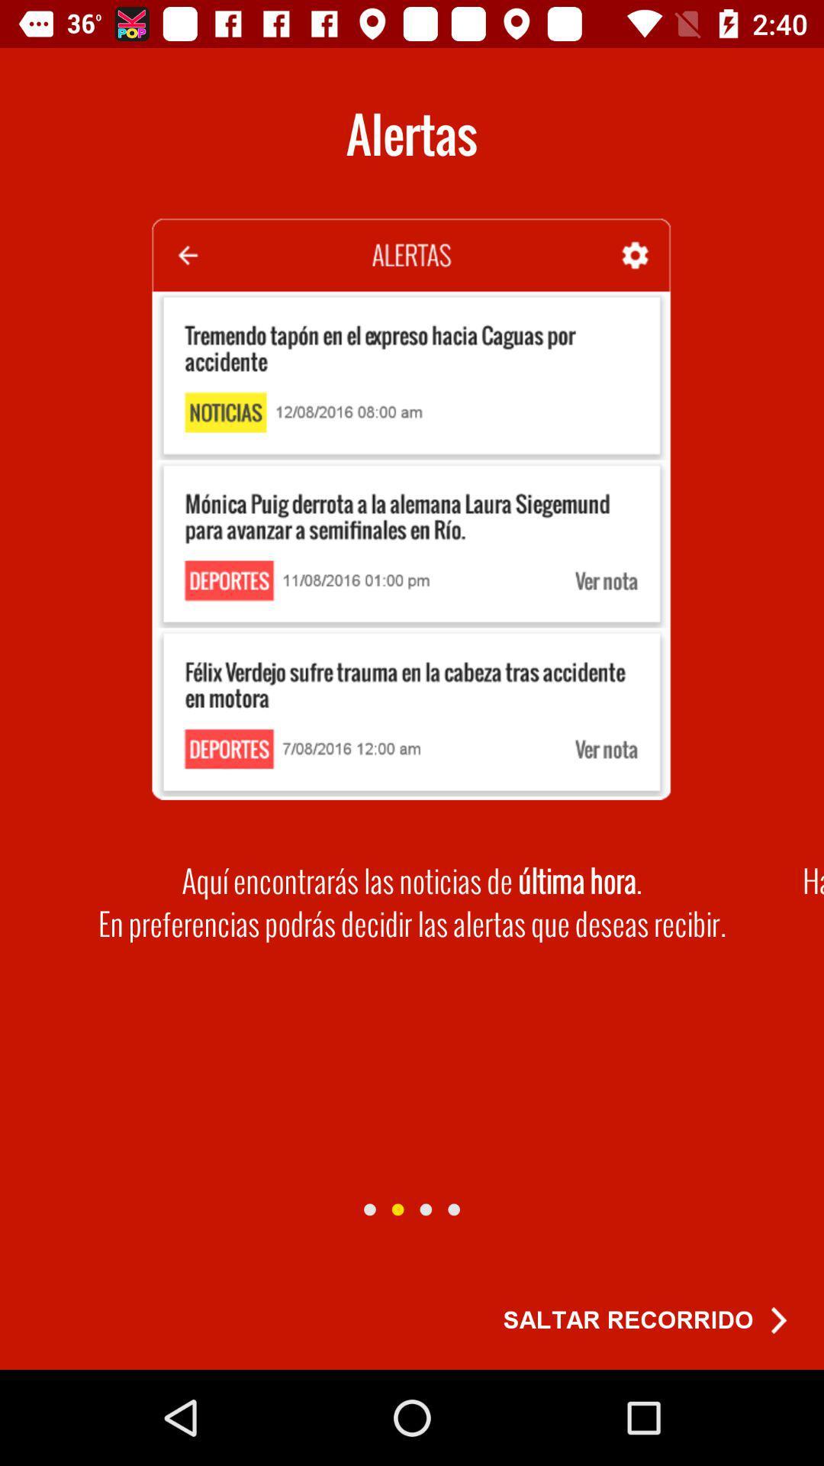 This screenshot has width=824, height=1466. What do you see at coordinates (397, 1209) in the screenshot?
I see `search homepage` at bounding box center [397, 1209].